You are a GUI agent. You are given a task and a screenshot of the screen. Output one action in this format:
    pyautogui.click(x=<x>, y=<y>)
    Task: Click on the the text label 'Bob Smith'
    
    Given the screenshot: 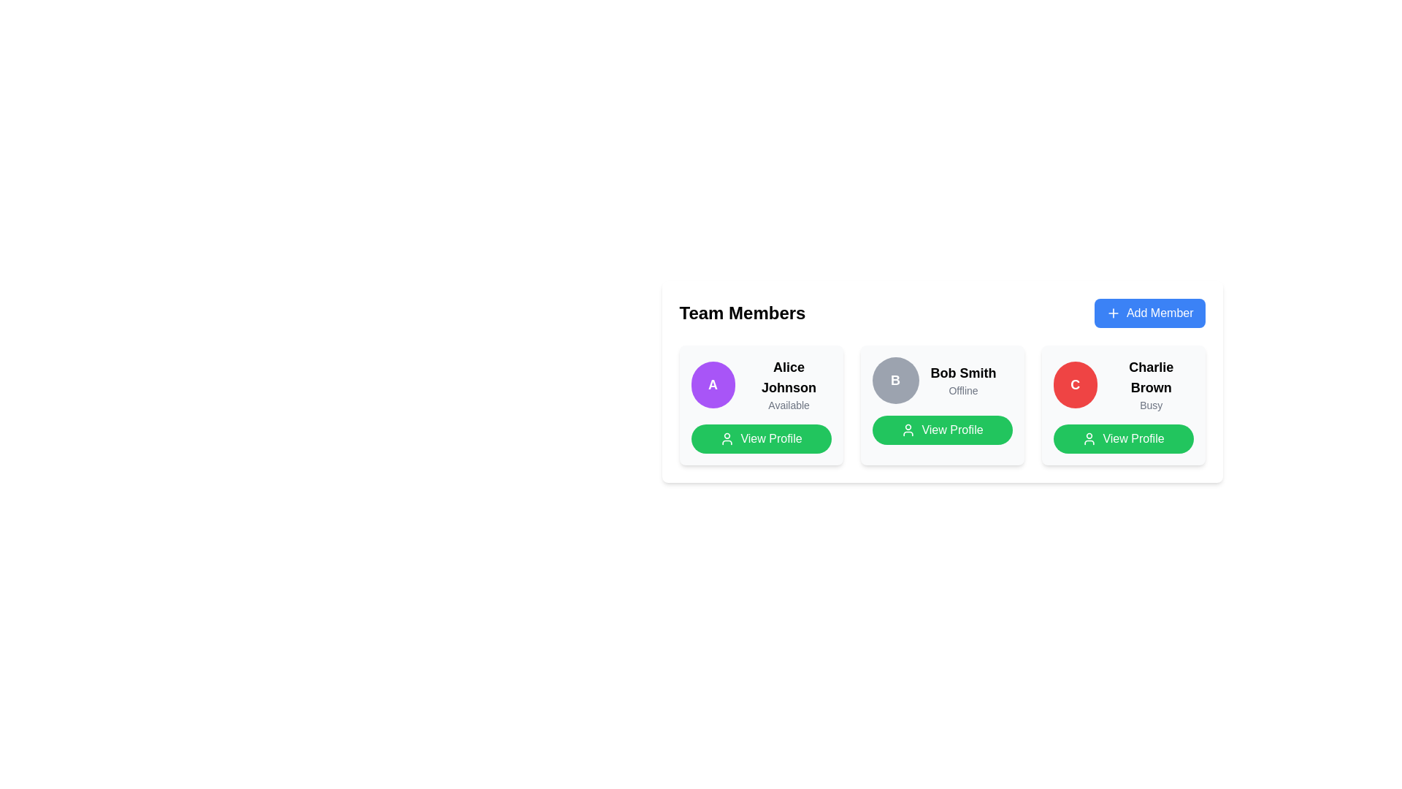 What is the action you would take?
    pyautogui.click(x=963, y=372)
    